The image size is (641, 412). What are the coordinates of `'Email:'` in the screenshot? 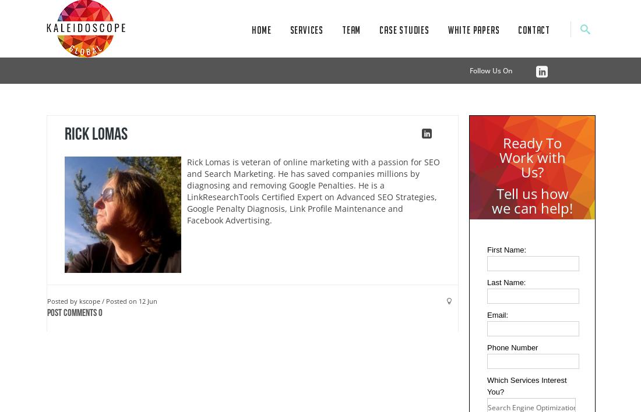 It's located at (497, 314).